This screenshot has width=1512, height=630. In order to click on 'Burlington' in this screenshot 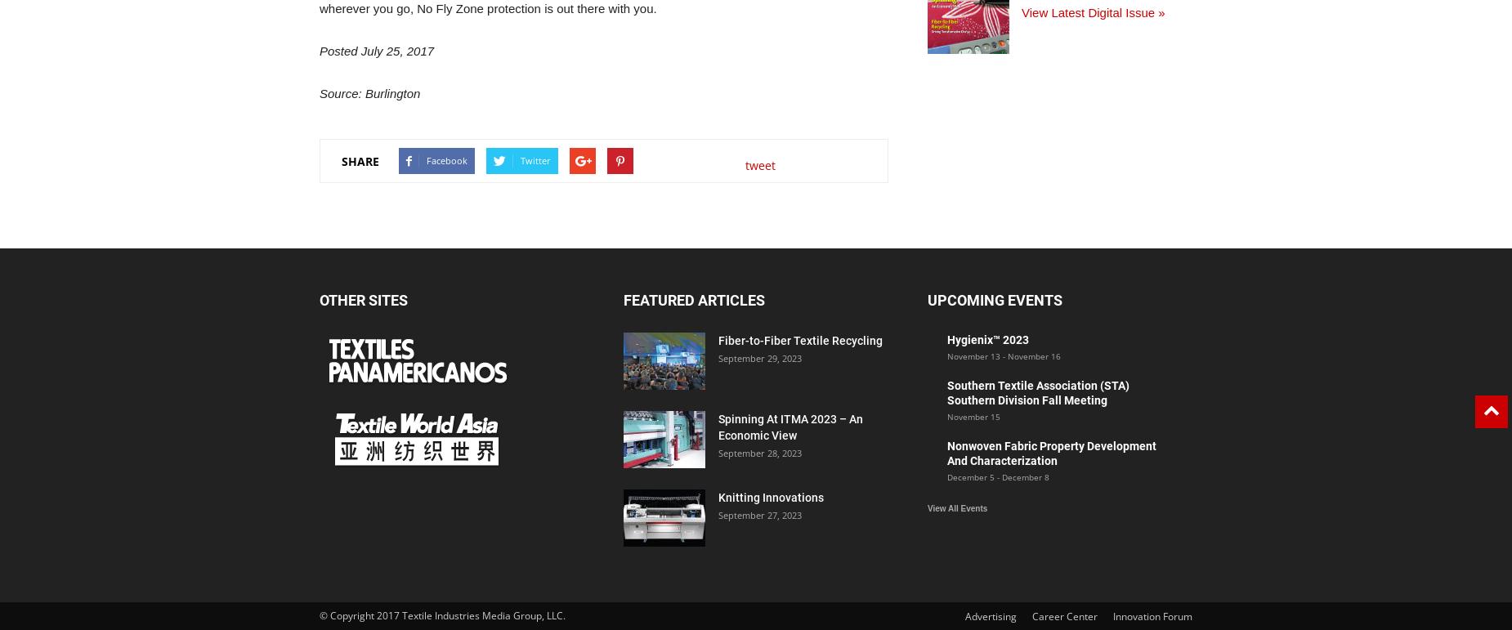, I will do `click(392, 92)`.